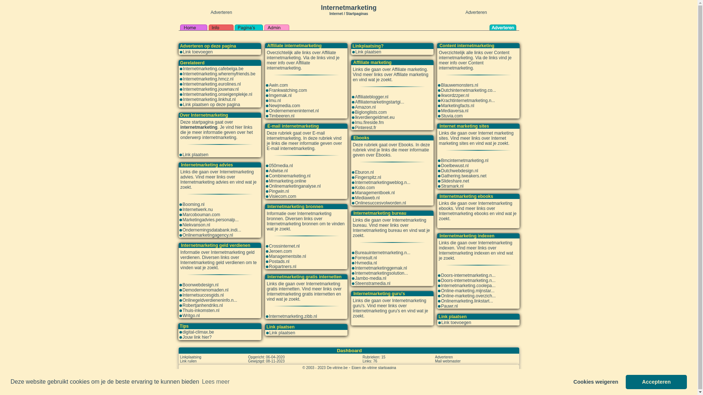 This screenshot has width=703, height=395. I want to click on 'Internetwerk.nu', so click(197, 210).